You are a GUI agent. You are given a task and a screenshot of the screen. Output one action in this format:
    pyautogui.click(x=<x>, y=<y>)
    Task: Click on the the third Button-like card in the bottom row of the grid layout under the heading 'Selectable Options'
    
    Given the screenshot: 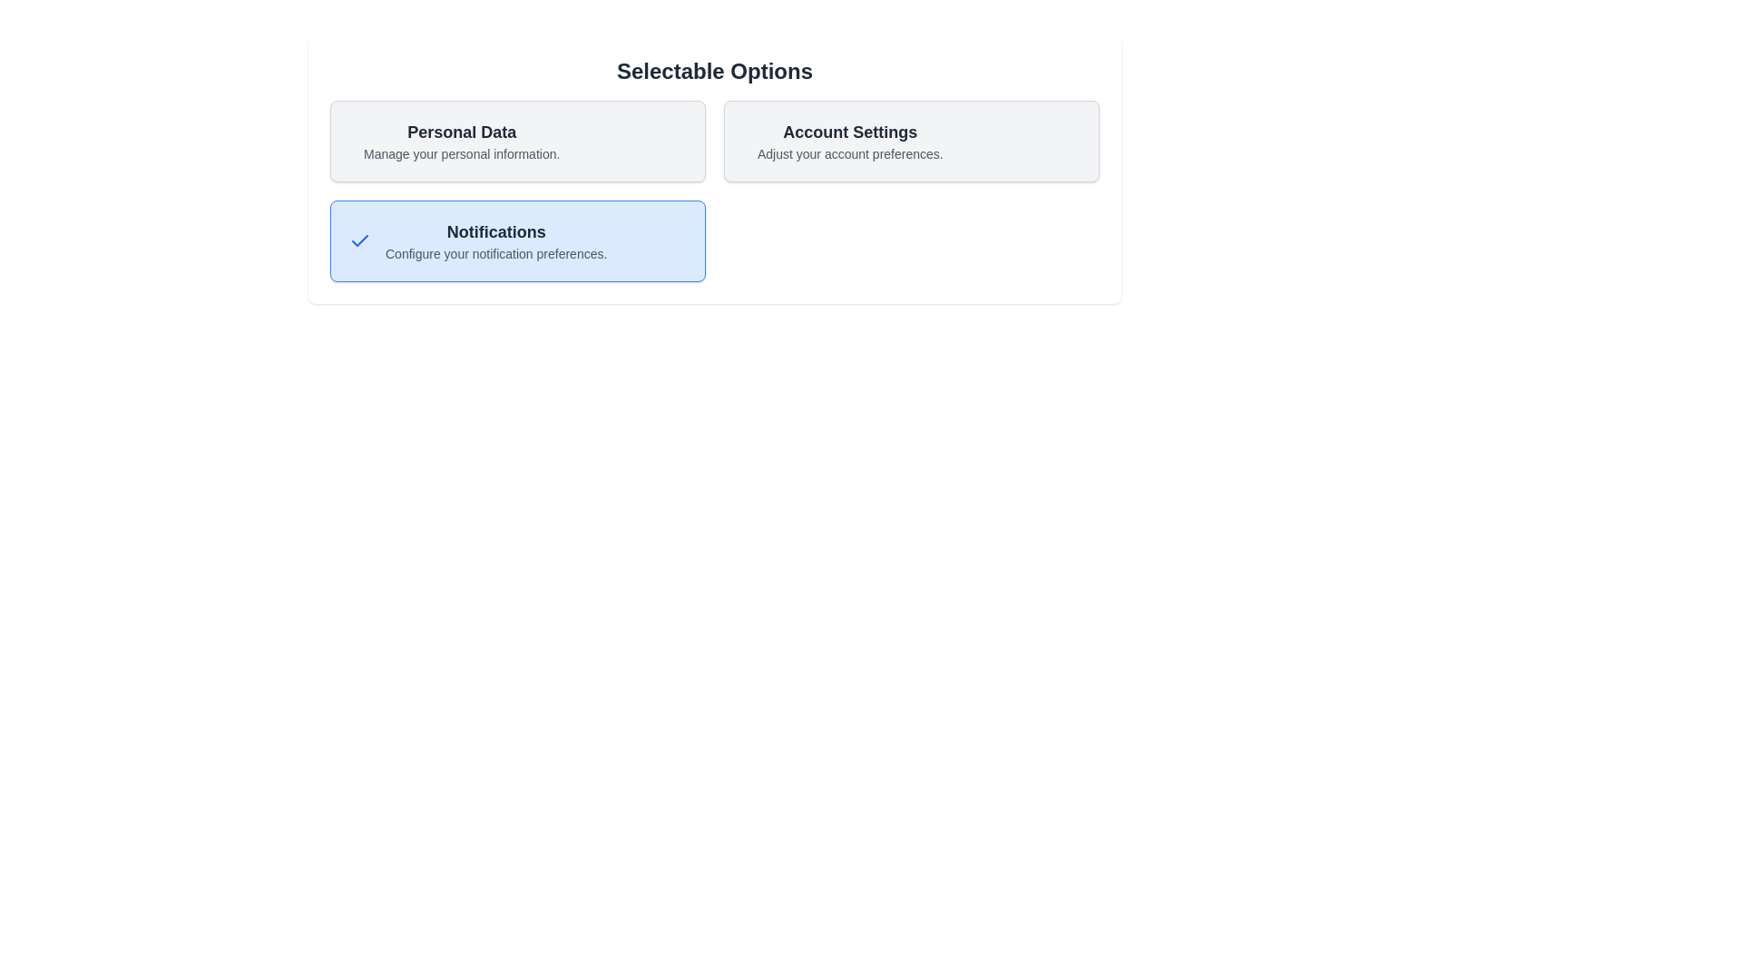 What is the action you would take?
    pyautogui.click(x=517, y=240)
    